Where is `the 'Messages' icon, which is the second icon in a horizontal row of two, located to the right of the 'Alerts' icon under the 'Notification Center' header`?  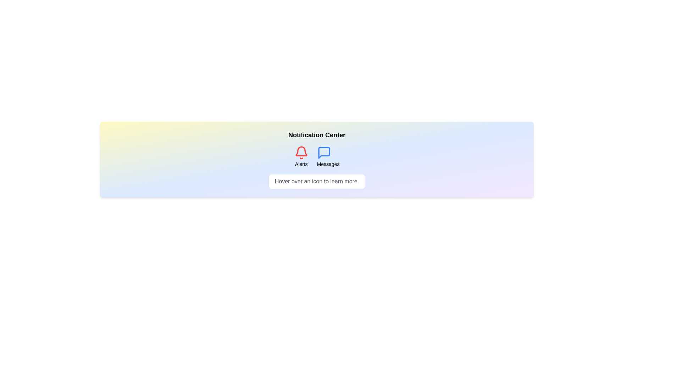
the 'Messages' icon, which is the second icon in a horizontal row of two, located to the right of the 'Alerts' icon under the 'Notification Center' header is located at coordinates (323, 152).